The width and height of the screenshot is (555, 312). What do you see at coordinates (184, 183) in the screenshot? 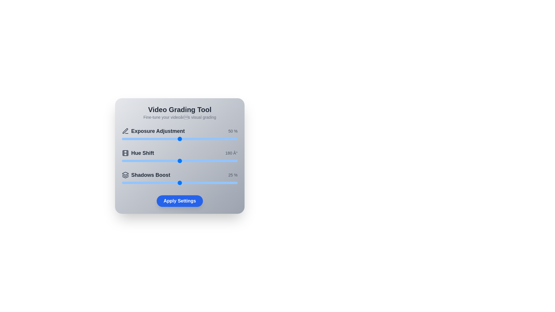
I see `the 'Shadows Boost' slider` at bounding box center [184, 183].